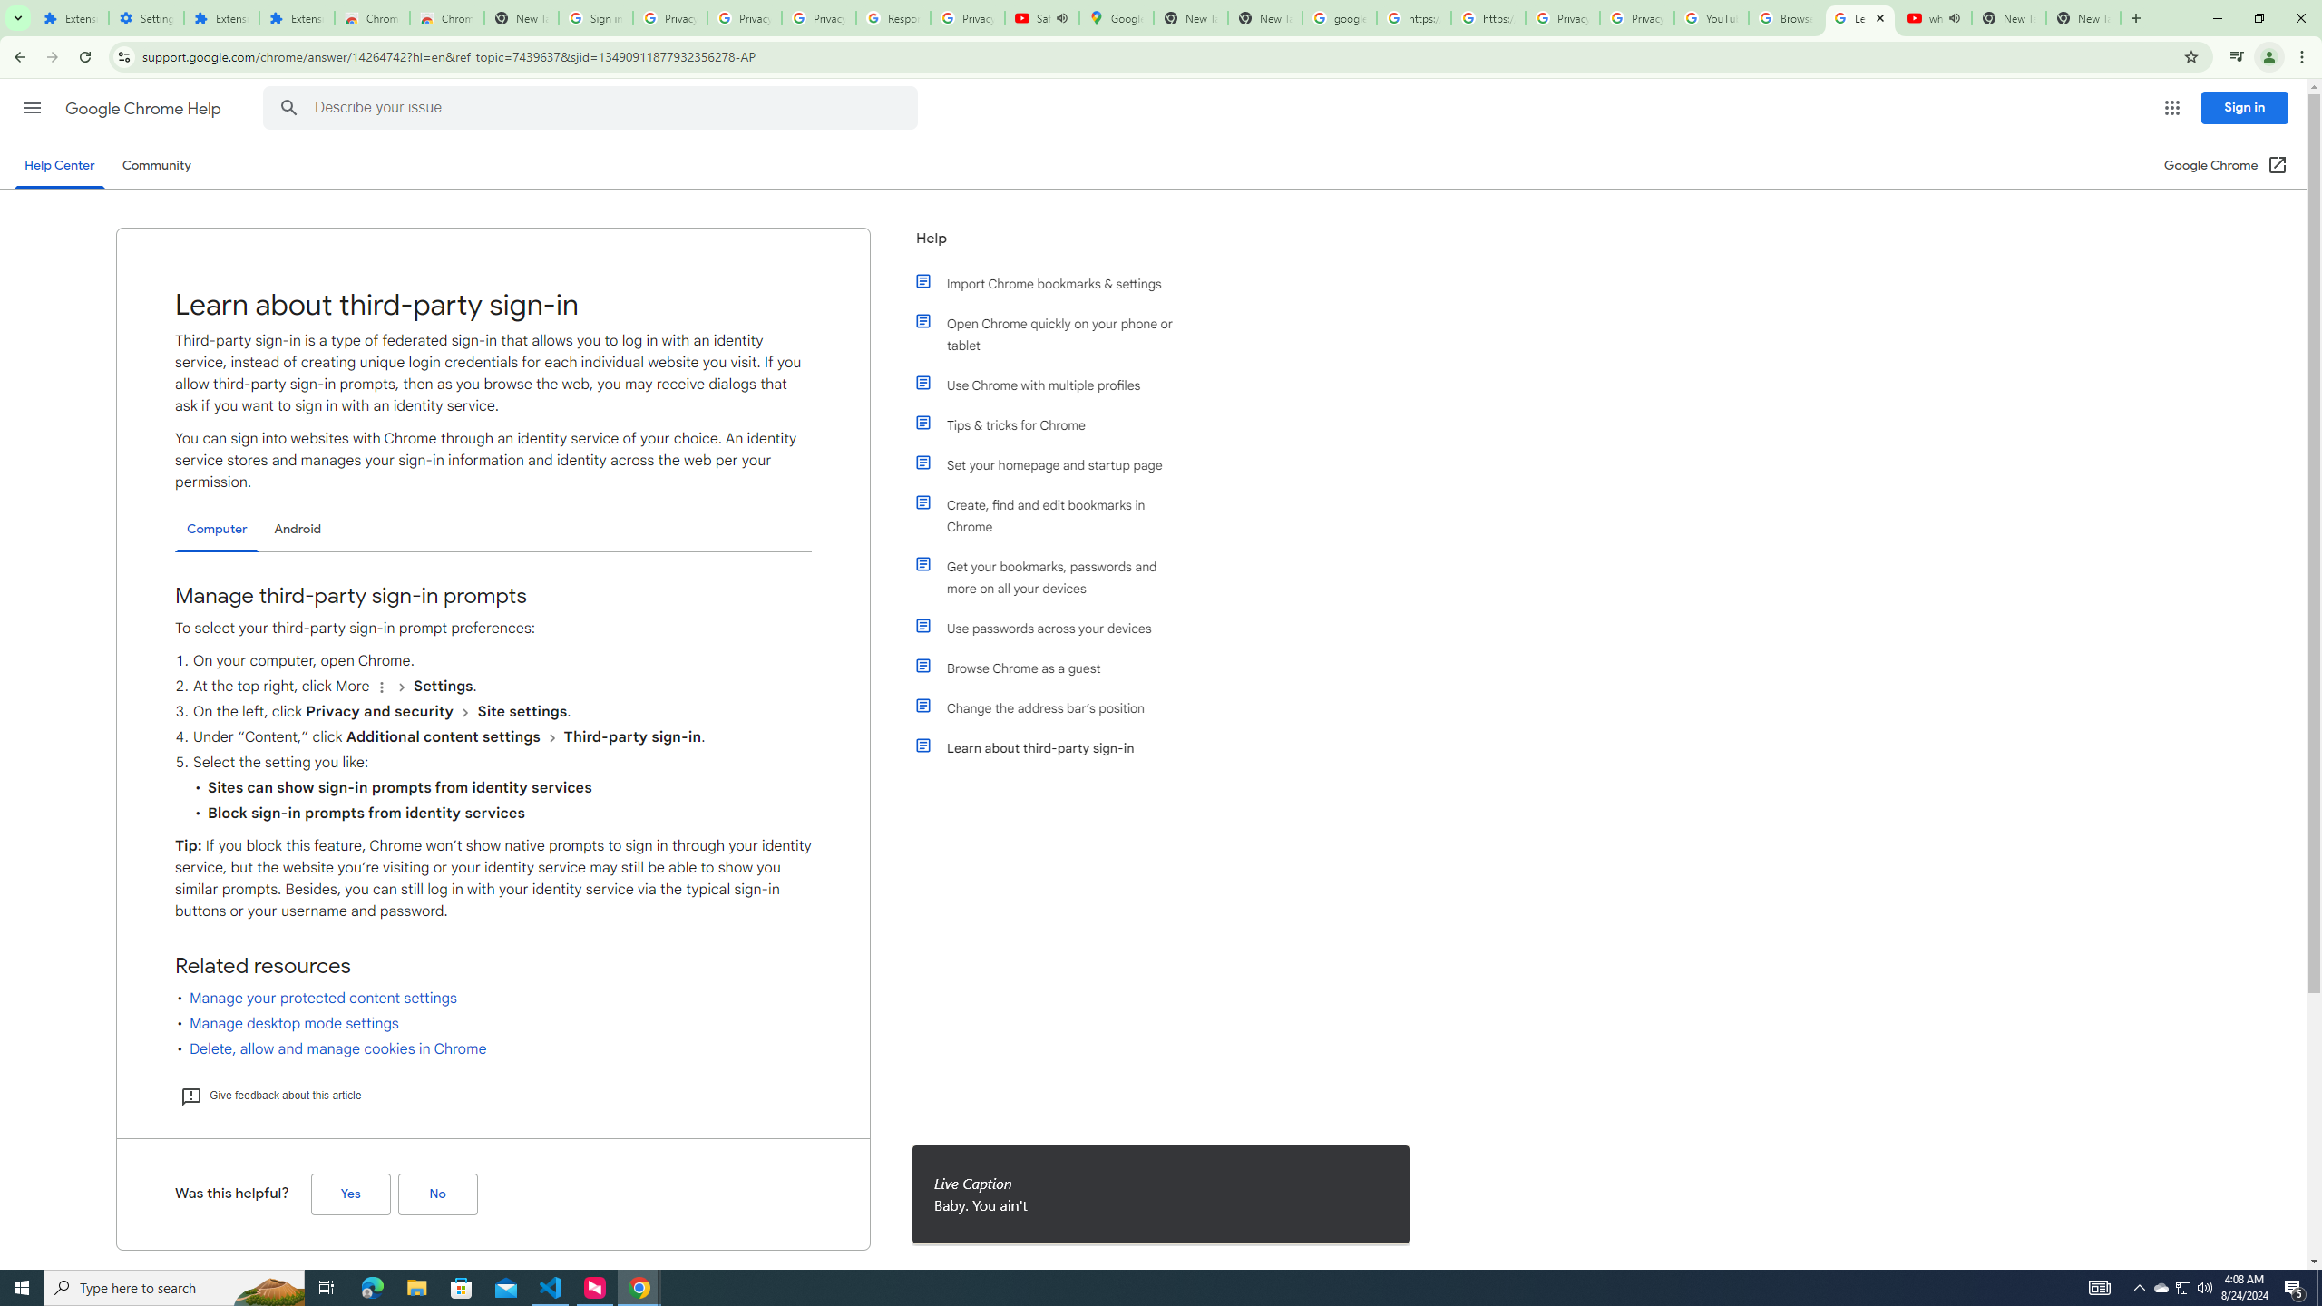  Describe the element at coordinates (295, 1022) in the screenshot. I see `'Manage desktop mode settings'` at that location.